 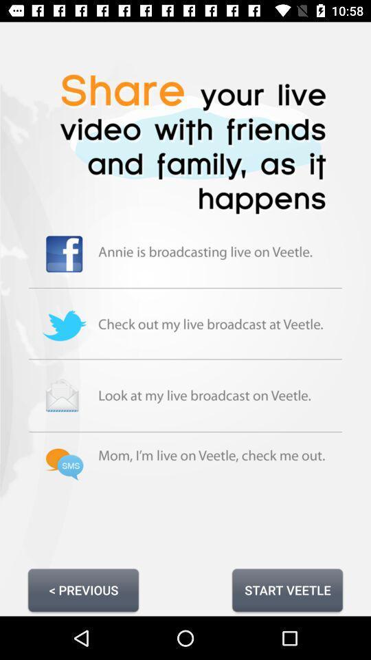 What do you see at coordinates (286, 589) in the screenshot?
I see `item next to < previous` at bounding box center [286, 589].